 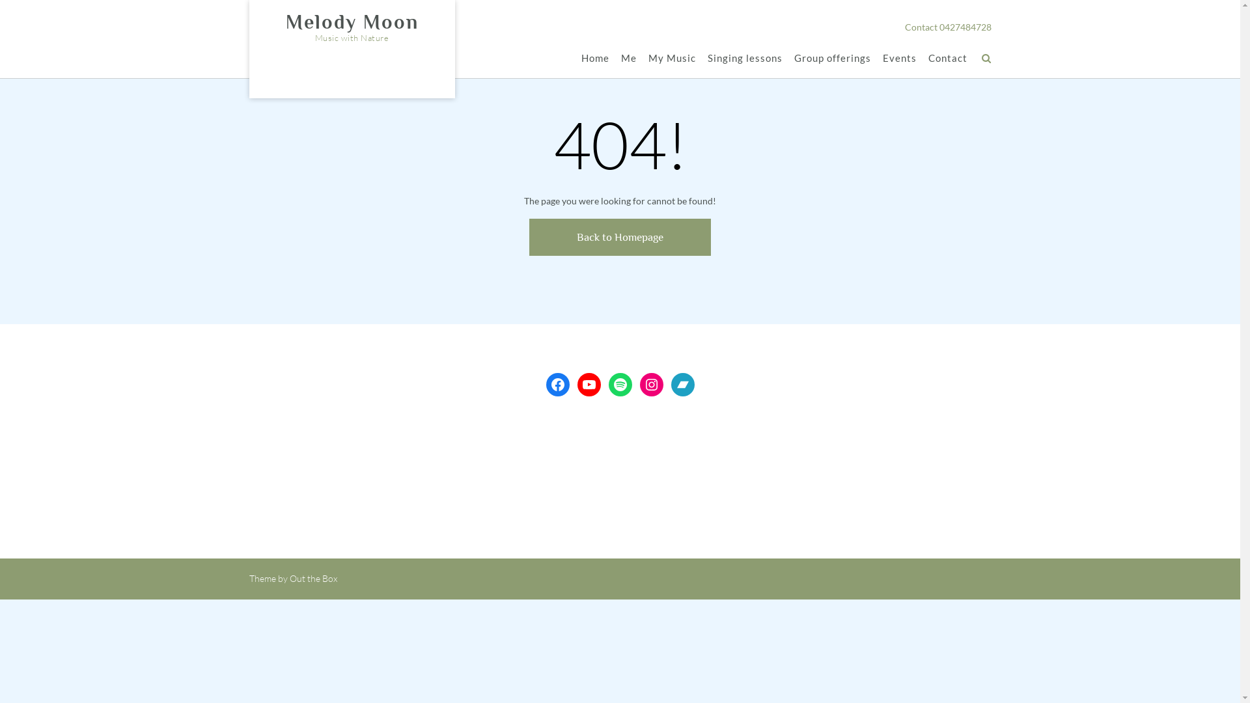 I want to click on 'My Music', so click(x=672, y=57).